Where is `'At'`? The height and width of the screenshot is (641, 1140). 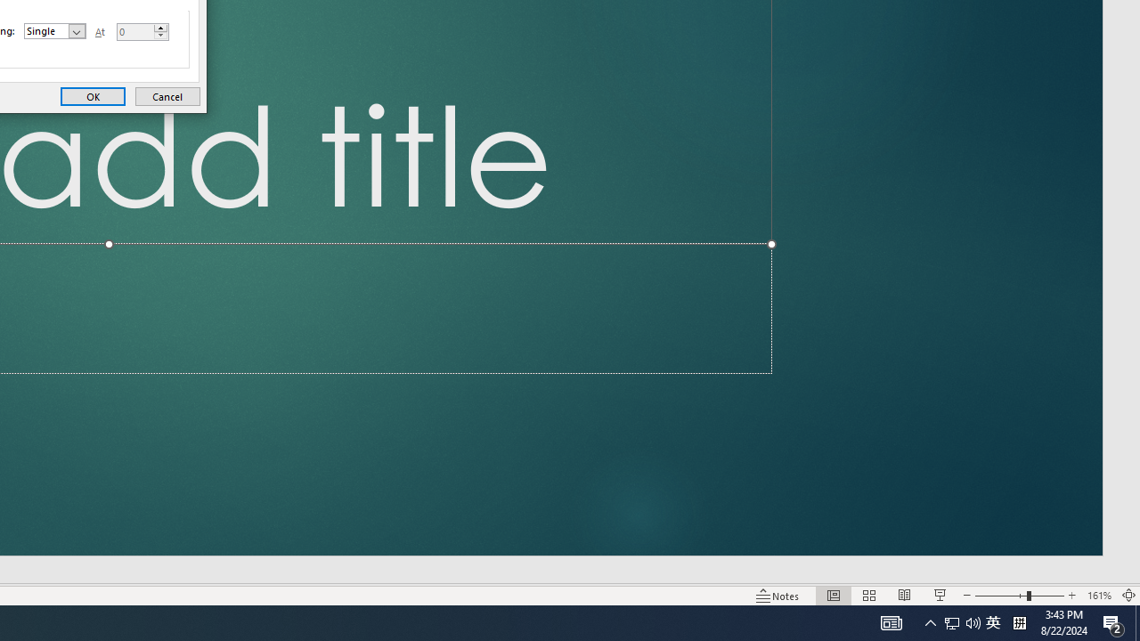 'At' is located at coordinates (134, 32).